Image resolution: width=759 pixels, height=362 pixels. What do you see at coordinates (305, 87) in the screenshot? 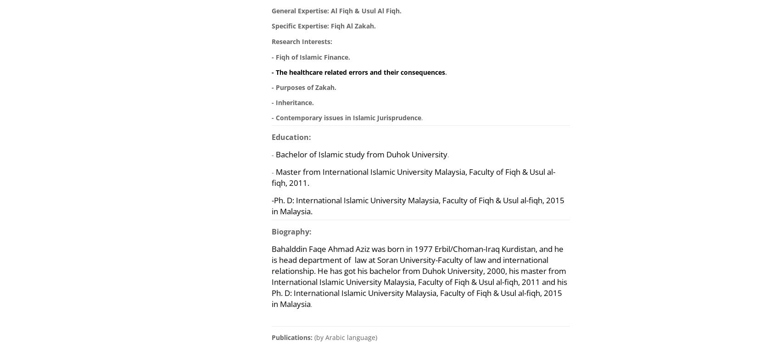
I see `'Purposes of Zakah'` at bounding box center [305, 87].